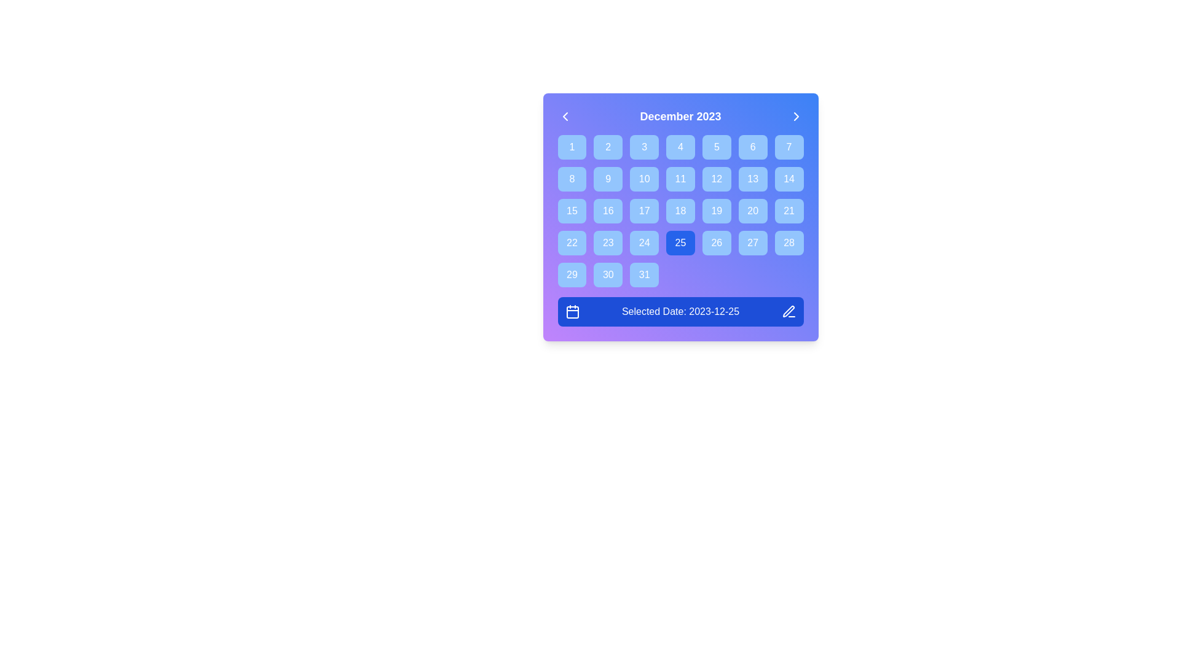 This screenshot has height=663, width=1180. What do you see at coordinates (796, 116) in the screenshot?
I see `the right-facing chevron arrow icon` at bounding box center [796, 116].